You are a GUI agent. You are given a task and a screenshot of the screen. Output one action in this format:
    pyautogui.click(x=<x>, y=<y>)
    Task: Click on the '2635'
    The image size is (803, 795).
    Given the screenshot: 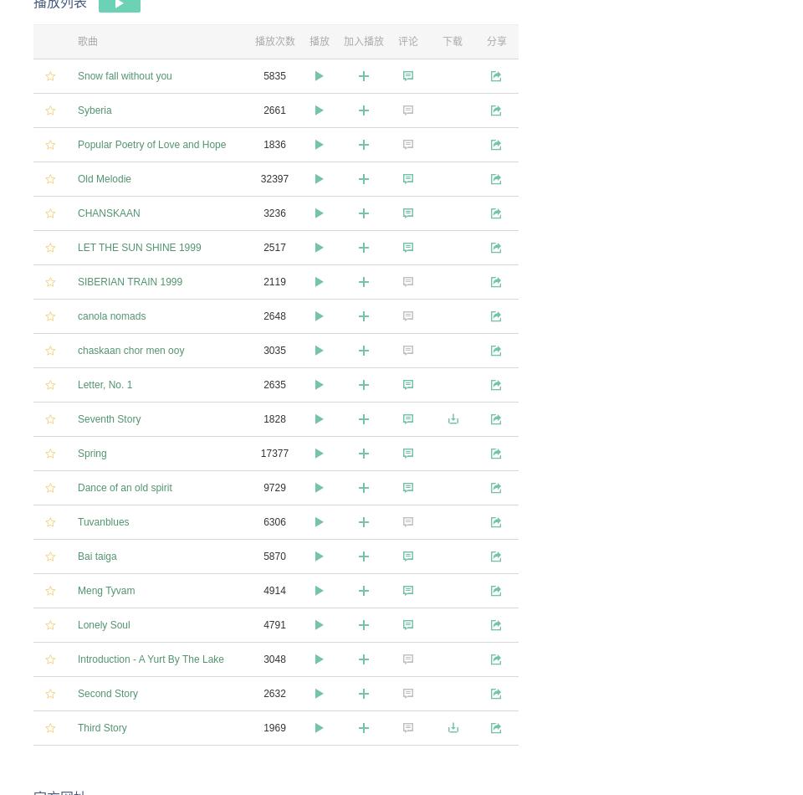 What is the action you would take?
    pyautogui.click(x=274, y=383)
    